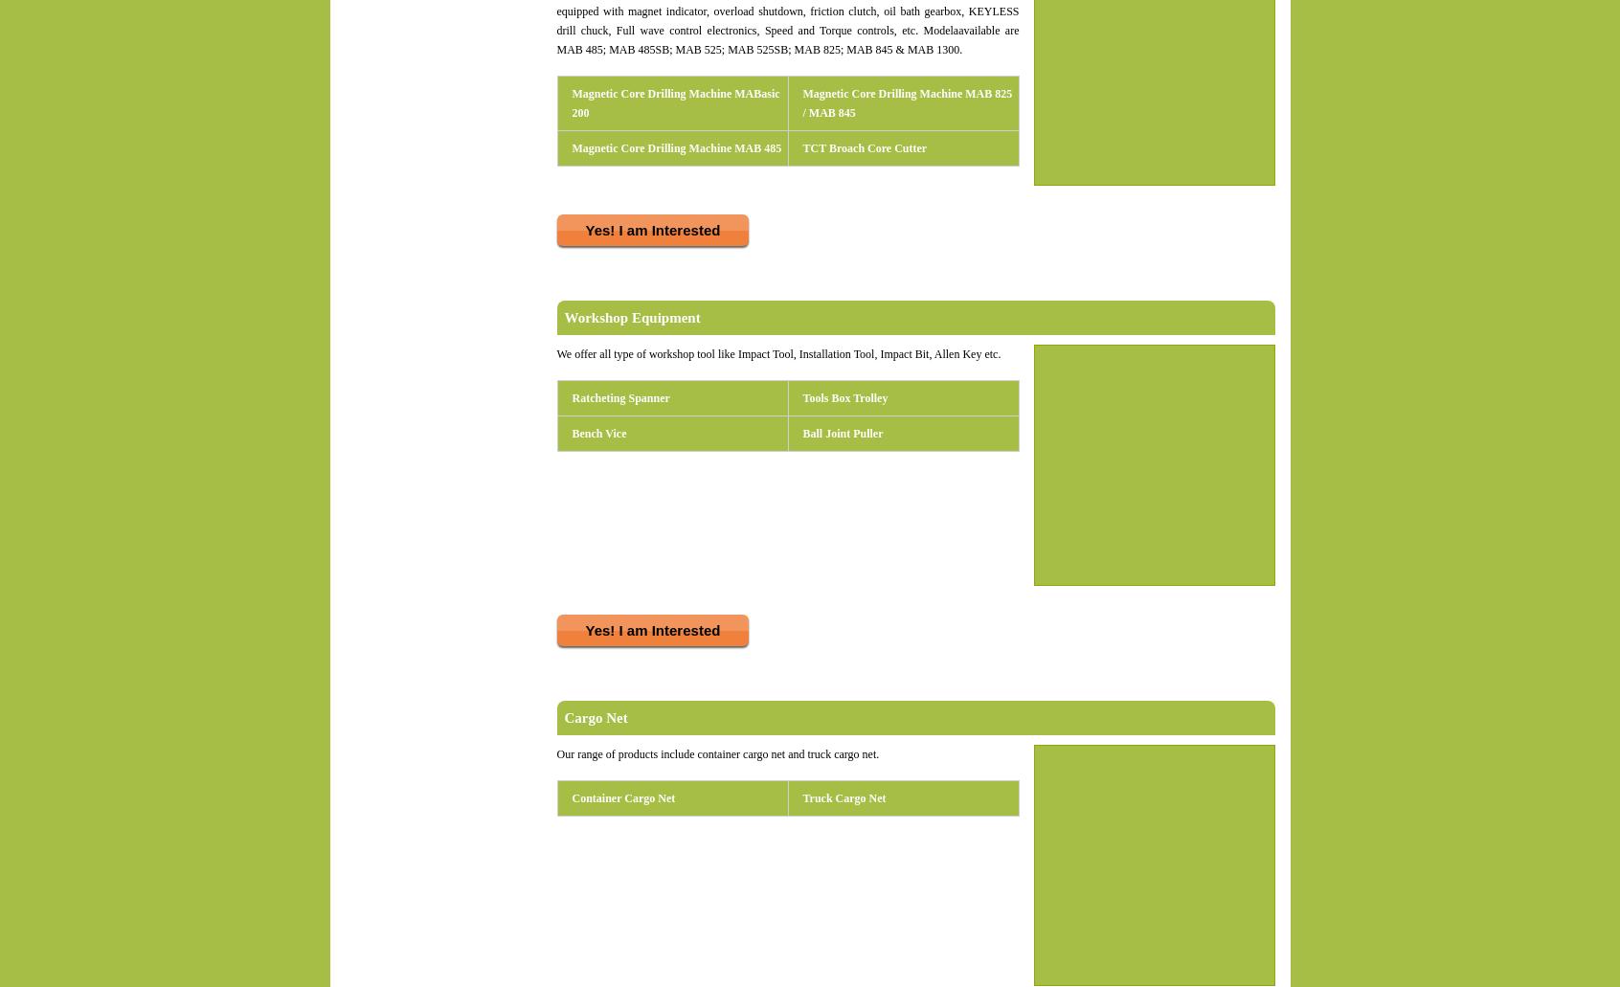 Image resolution: width=1620 pixels, height=987 pixels. I want to click on 'Magnetic Core Drilling Machine MABasic 200', so click(675, 102).